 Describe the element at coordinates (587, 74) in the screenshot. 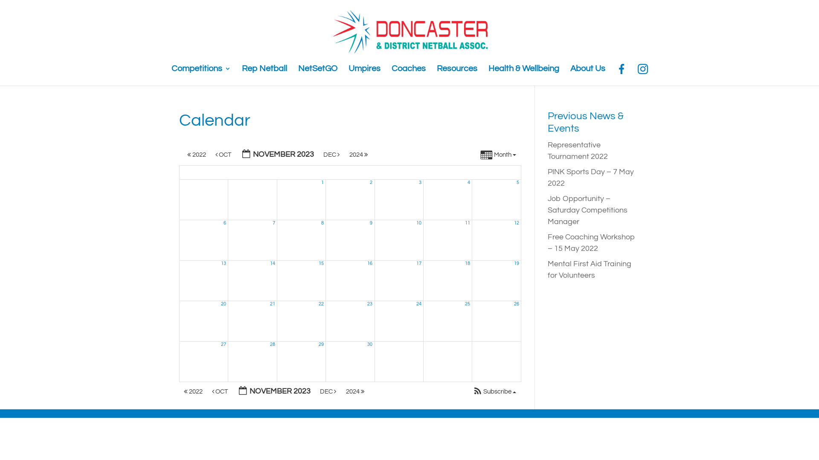

I see `'About Us'` at that location.